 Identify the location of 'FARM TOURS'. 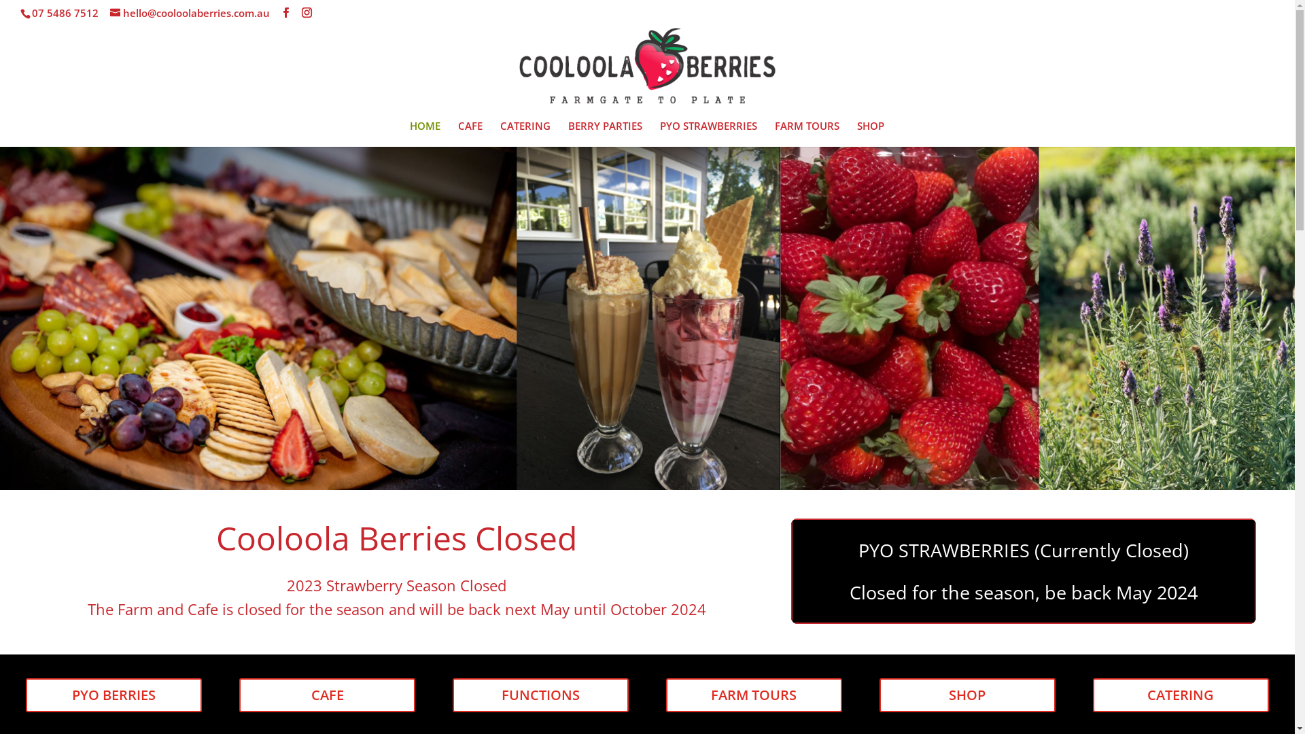
(753, 695).